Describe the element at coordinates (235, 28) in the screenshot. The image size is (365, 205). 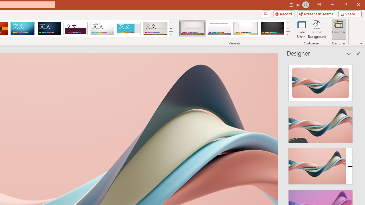
I see `'AutomationID: ThemeVariantsGallery'` at that location.